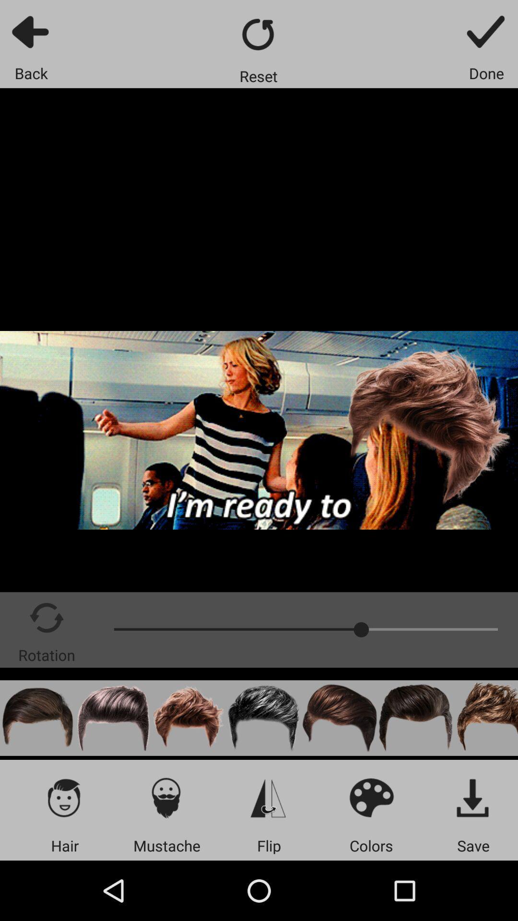 This screenshot has height=921, width=518. Describe the element at coordinates (269, 797) in the screenshot. I see `flip` at that location.